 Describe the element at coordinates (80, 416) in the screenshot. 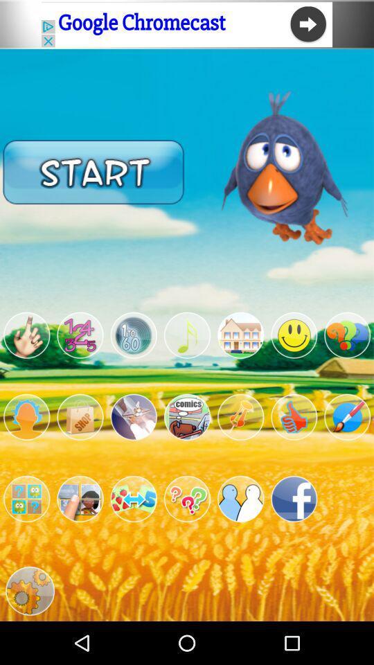

I see `shop` at that location.